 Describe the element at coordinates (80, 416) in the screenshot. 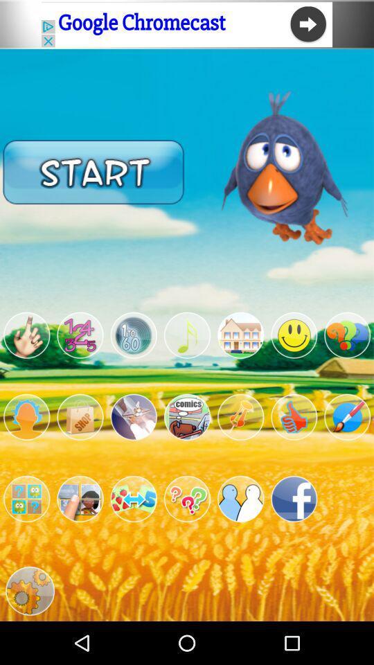

I see `shop` at that location.